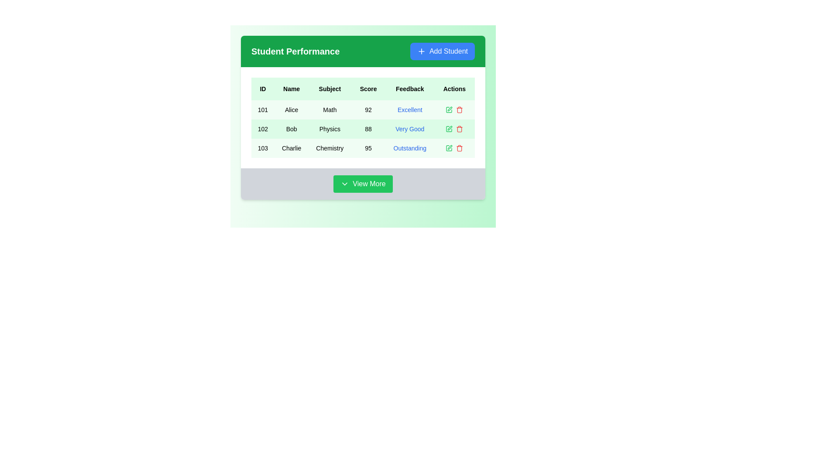  I want to click on the delete button located in the 'Actions' column of the first row for the student Alice, so click(459, 109).